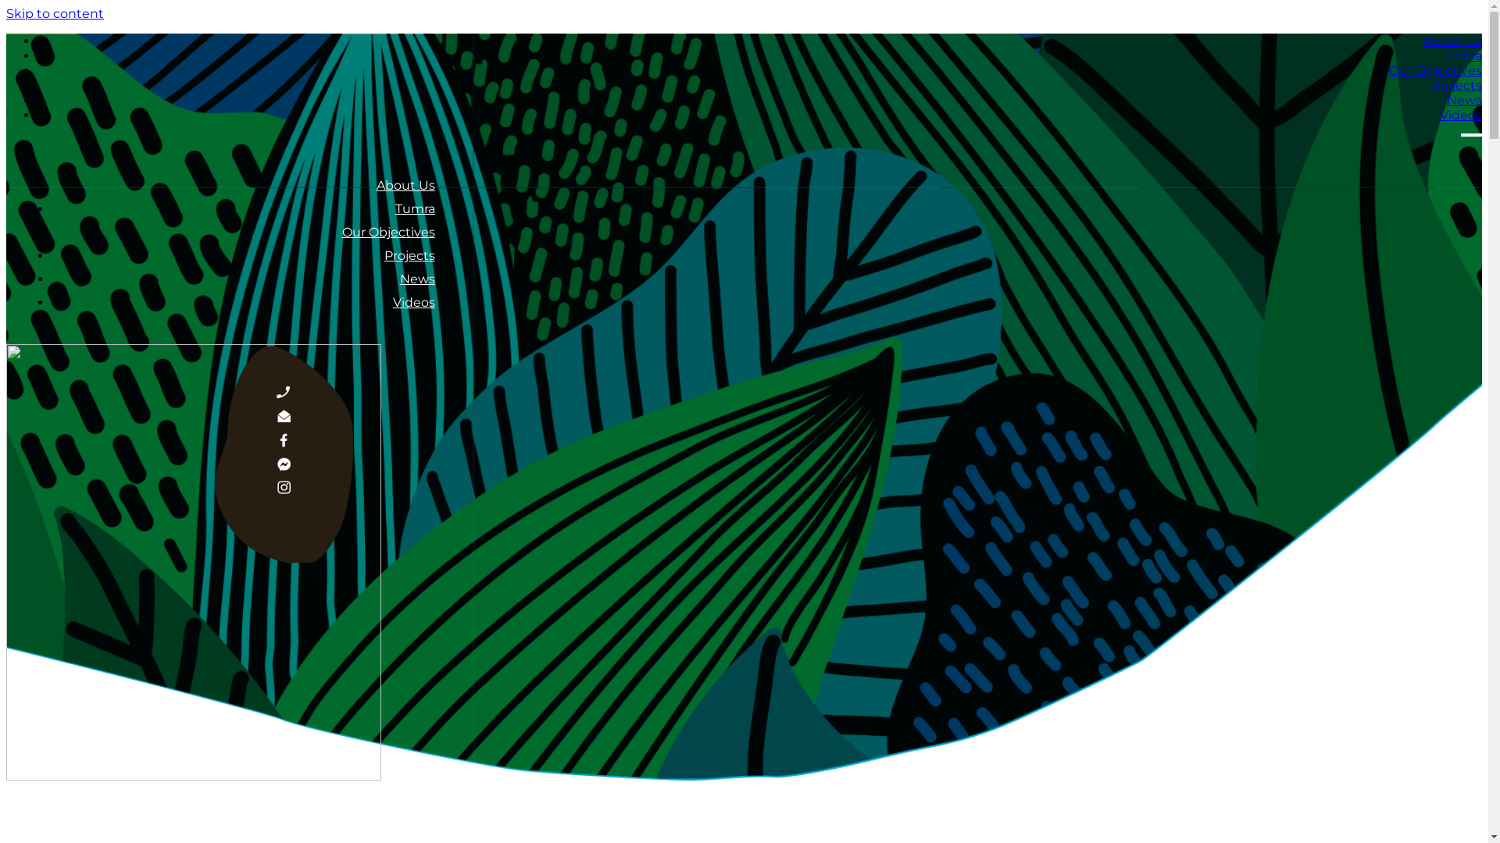 This screenshot has height=843, width=1500. Describe the element at coordinates (55, 13) in the screenshot. I see `'Skip to content'` at that location.